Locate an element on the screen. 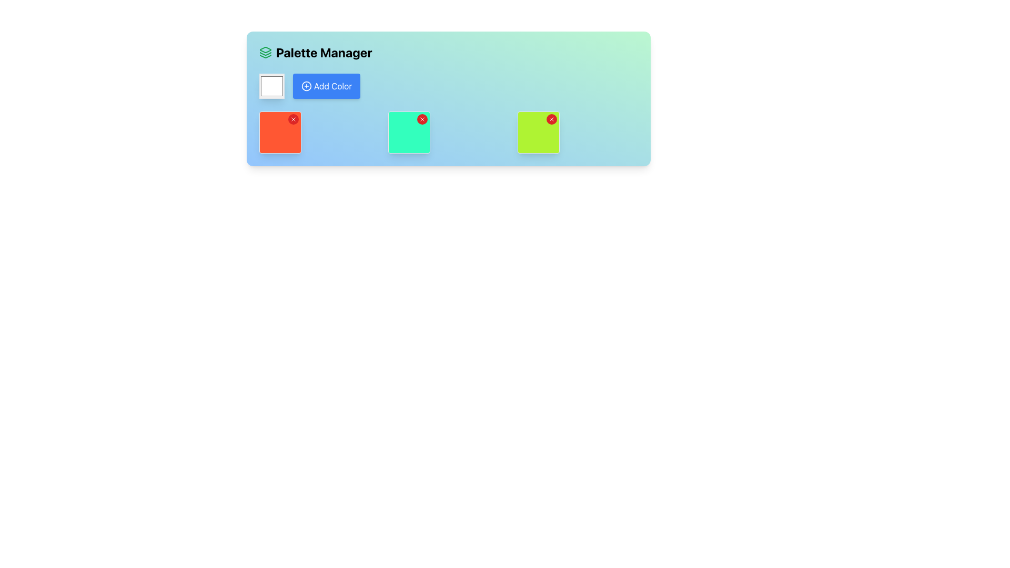 The height and width of the screenshot is (568, 1010). the first Visual Box in the color palette is located at coordinates (280, 131).